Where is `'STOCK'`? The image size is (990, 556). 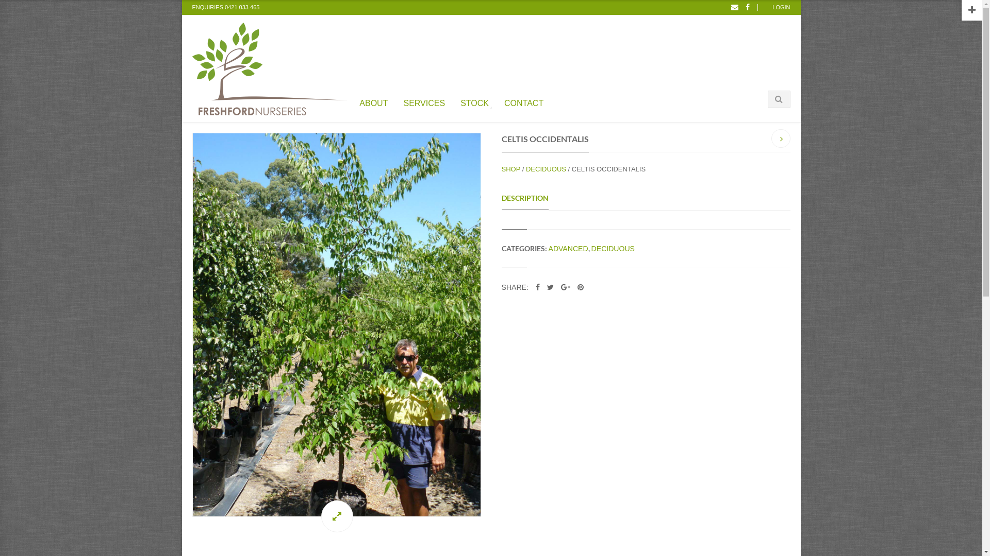
'STOCK' is located at coordinates (474, 101).